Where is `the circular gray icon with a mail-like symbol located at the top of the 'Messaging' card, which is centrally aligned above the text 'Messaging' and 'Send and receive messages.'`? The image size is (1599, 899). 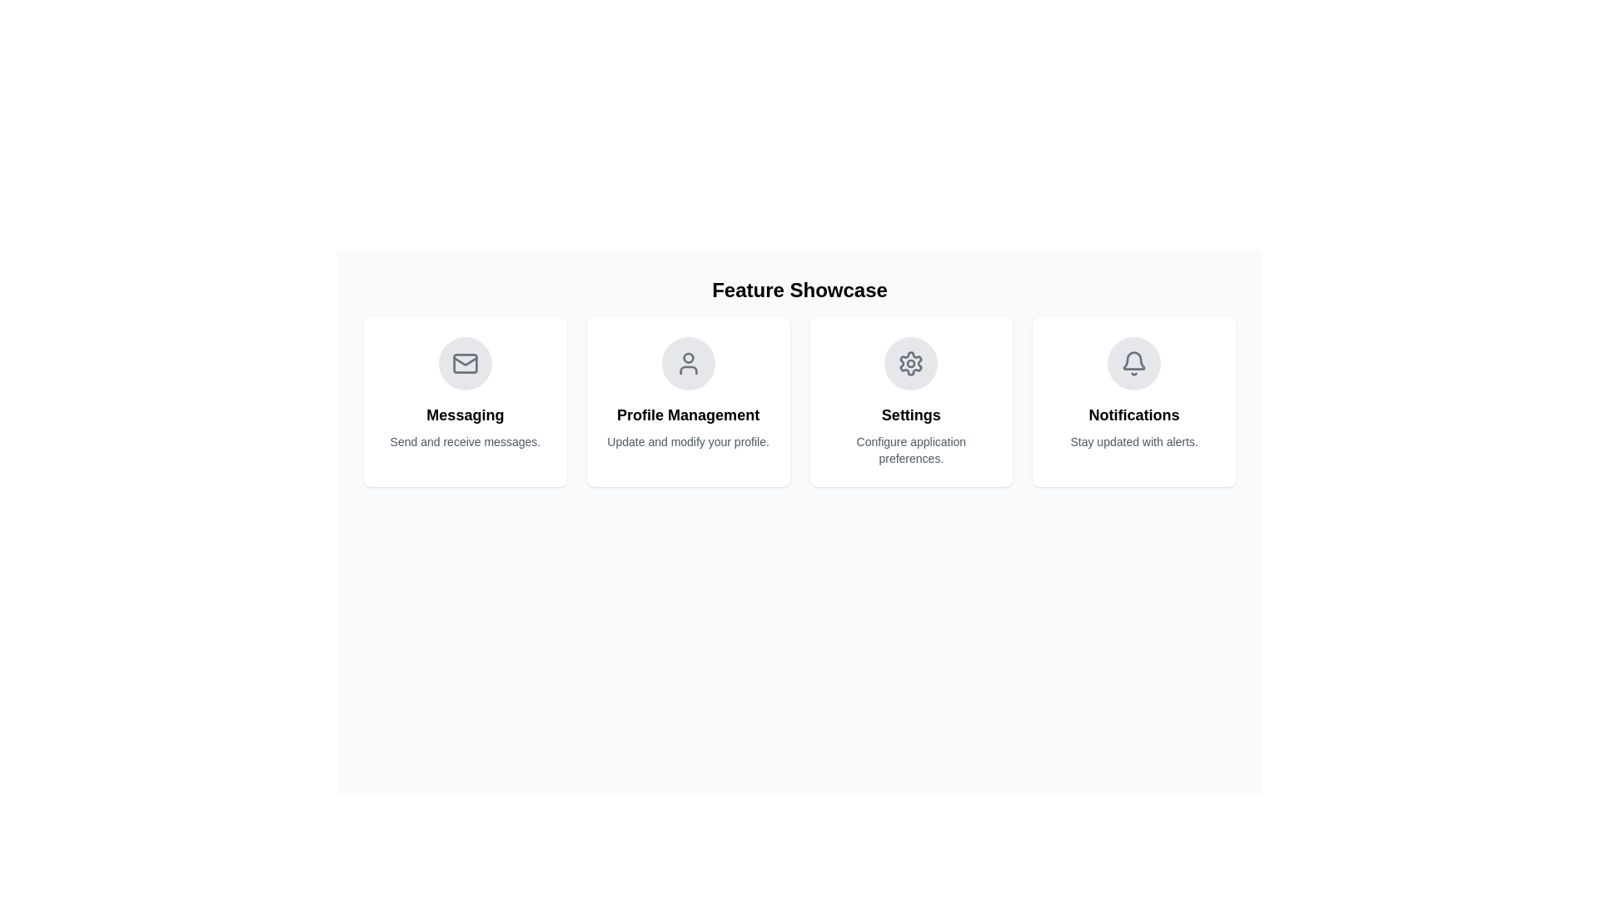
the circular gray icon with a mail-like symbol located at the top of the 'Messaging' card, which is centrally aligned above the text 'Messaging' and 'Send and receive messages.' is located at coordinates (465, 362).